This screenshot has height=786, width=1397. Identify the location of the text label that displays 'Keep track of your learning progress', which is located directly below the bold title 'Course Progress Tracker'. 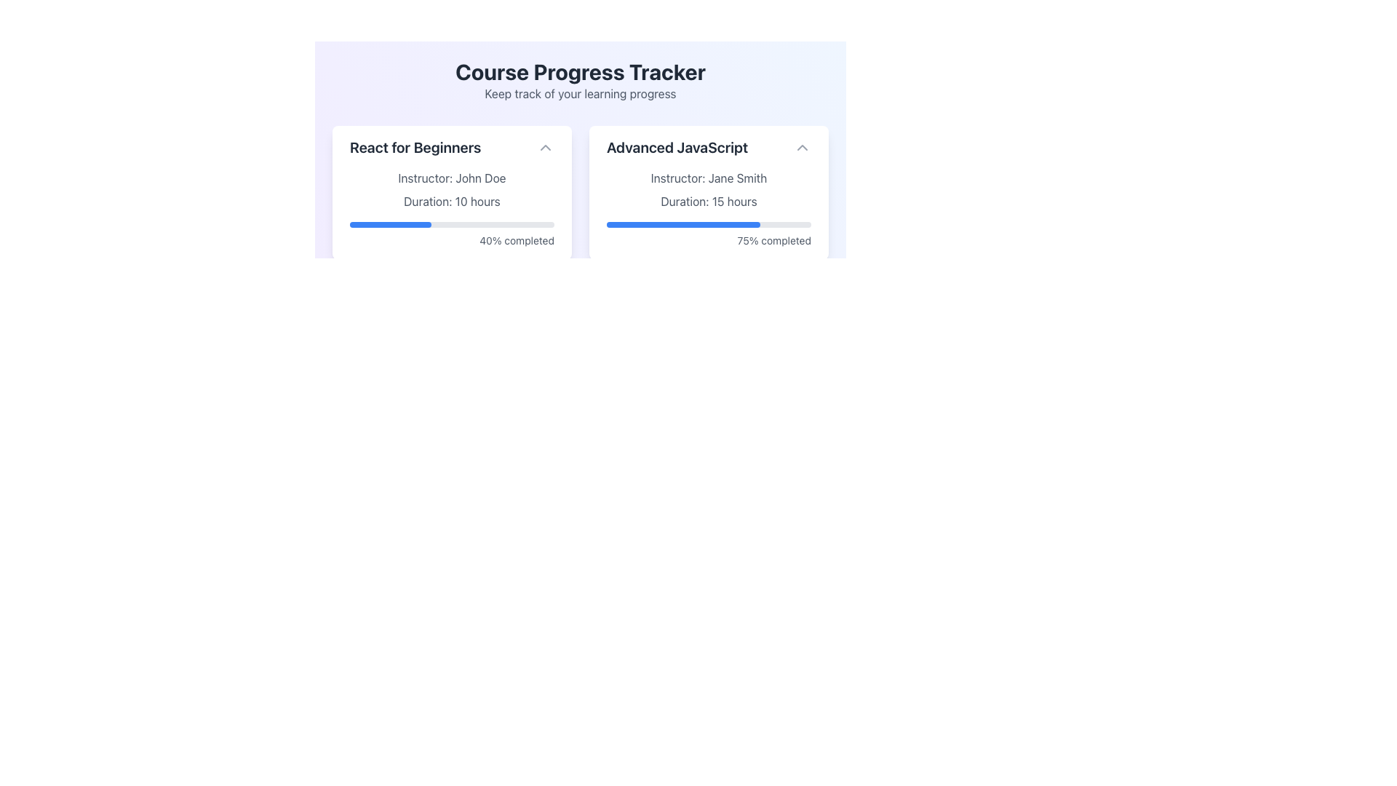
(579, 93).